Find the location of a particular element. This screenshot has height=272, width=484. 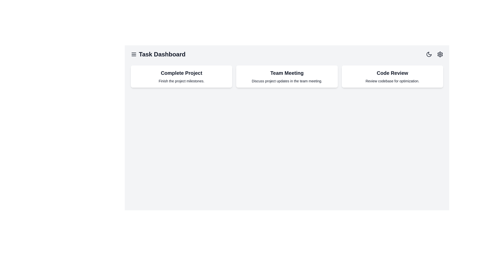

the 'Complete Project' card located in the first column of the grid layout is located at coordinates (181, 77).